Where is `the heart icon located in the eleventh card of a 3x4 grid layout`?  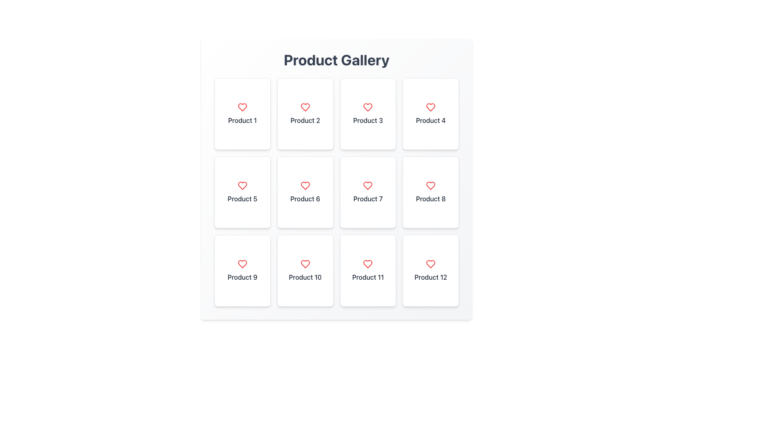 the heart icon located in the eleventh card of a 3x4 grid layout is located at coordinates (367, 264).